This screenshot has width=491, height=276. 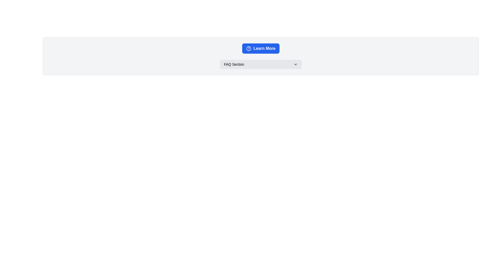 What do you see at coordinates (249, 48) in the screenshot?
I see `the decorative or functional icon for the 'Learn More' button, located to the left of the 'Learn More' text` at bounding box center [249, 48].